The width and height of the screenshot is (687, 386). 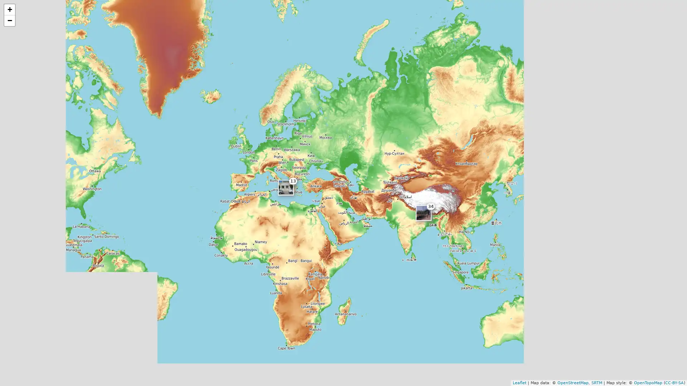 What do you see at coordinates (10, 20) in the screenshot?
I see `Zoom out` at bounding box center [10, 20].